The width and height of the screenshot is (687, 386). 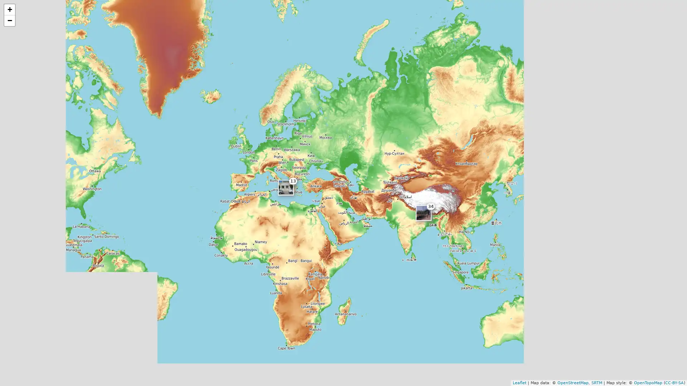 What do you see at coordinates (10, 20) in the screenshot?
I see `Zoom out` at bounding box center [10, 20].